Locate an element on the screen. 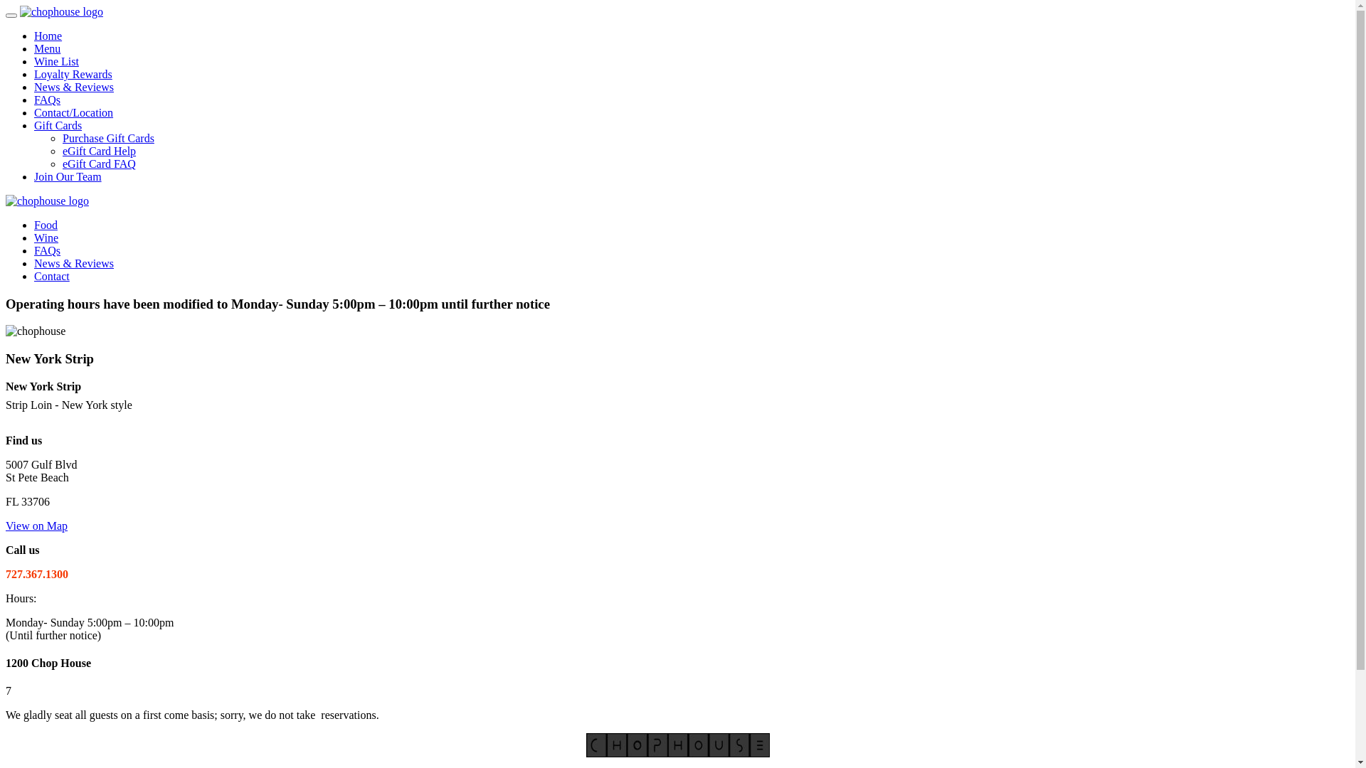 This screenshot has height=768, width=1366. 'Join Our Team' is located at coordinates (34, 176).